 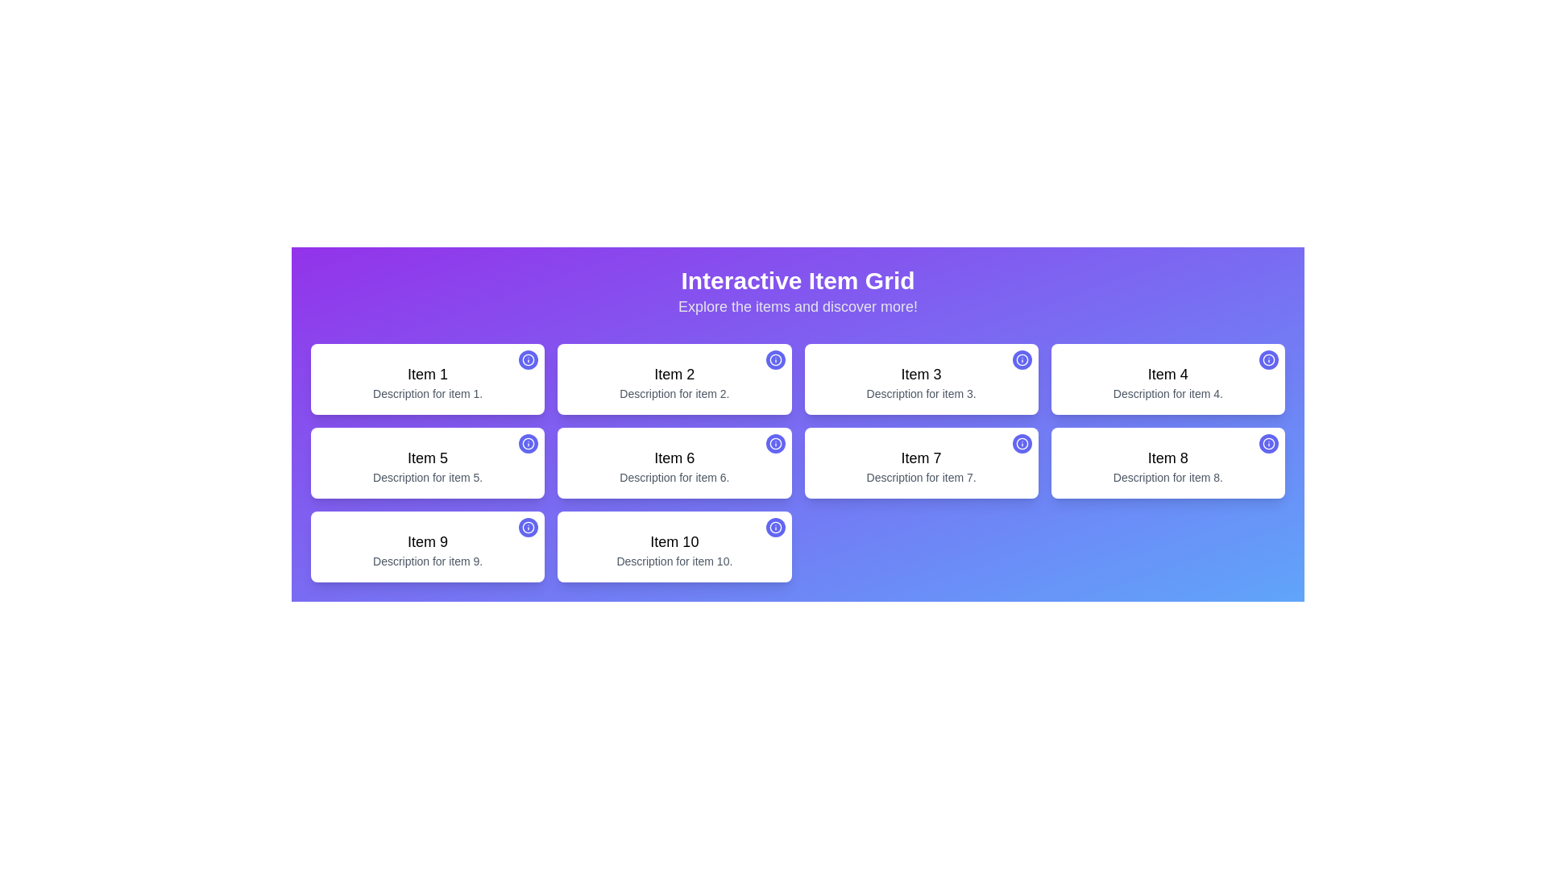 What do you see at coordinates (529, 444) in the screenshot?
I see `the circle with a blue outline located` at bounding box center [529, 444].